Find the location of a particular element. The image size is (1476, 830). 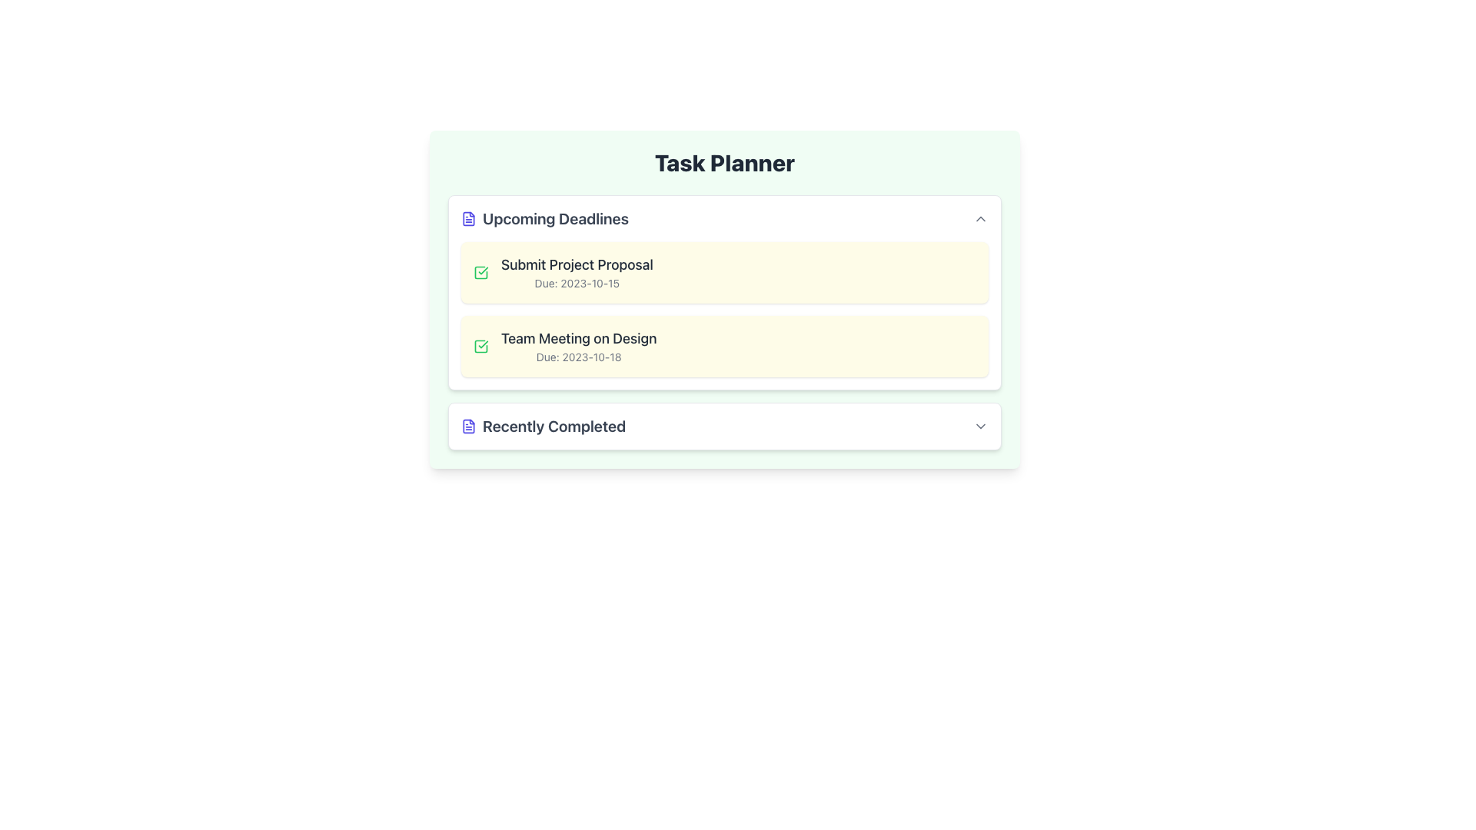

text label that serves as the title of the second task in the 'Upcoming Deadlines' section of the 'Task Planner' interface, which is positioned above its due date and next to a checkbox icon is located at coordinates (578, 337).